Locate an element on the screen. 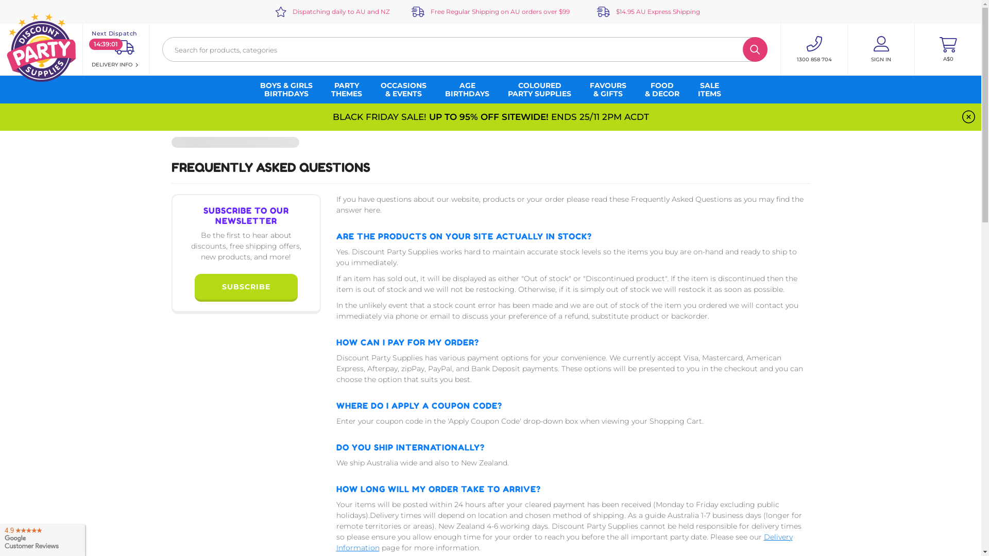 The height and width of the screenshot is (556, 989). 'Next Dispatch is located at coordinates (116, 49).